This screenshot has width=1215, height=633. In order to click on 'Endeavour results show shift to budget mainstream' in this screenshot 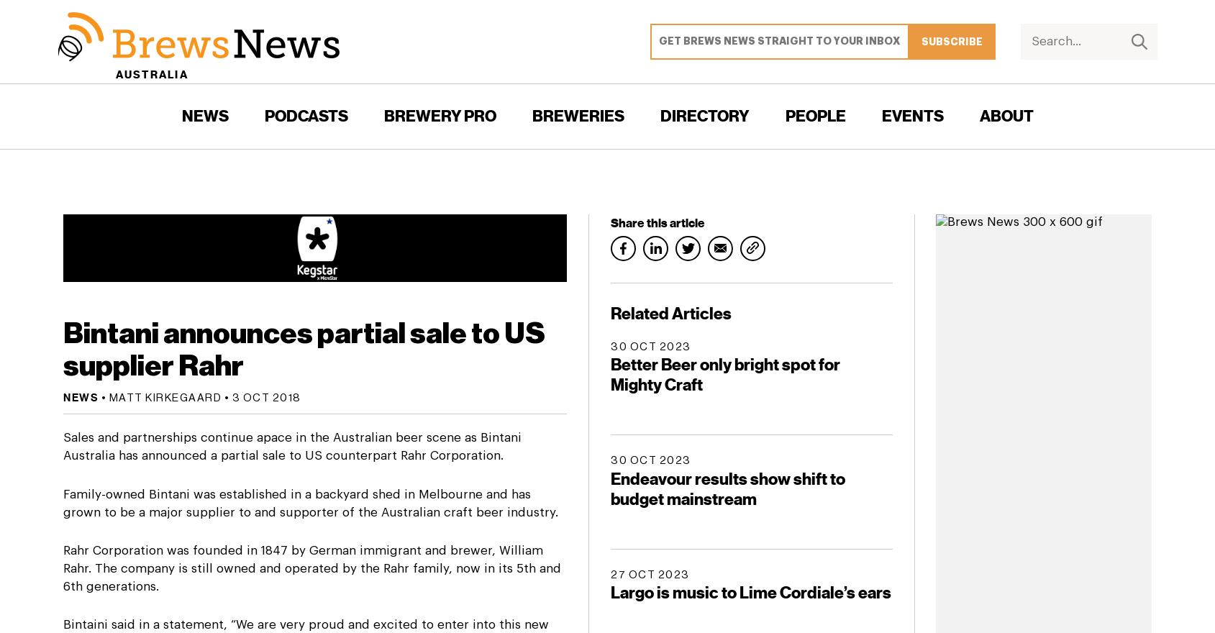, I will do `click(727, 488)`.